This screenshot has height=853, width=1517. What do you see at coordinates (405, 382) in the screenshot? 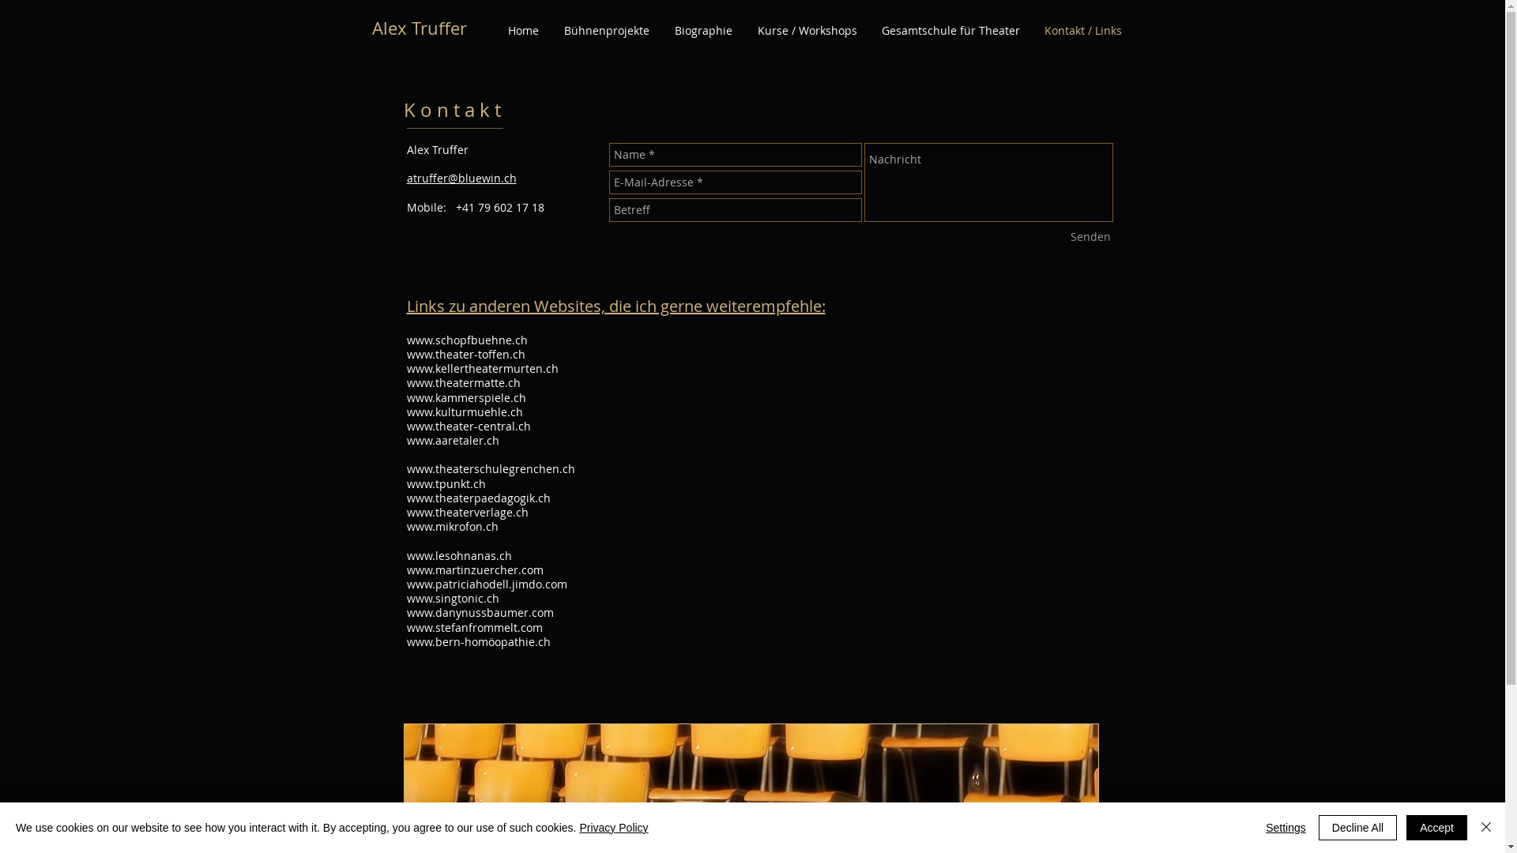
I see `'www.theatermatte.ch'` at bounding box center [405, 382].